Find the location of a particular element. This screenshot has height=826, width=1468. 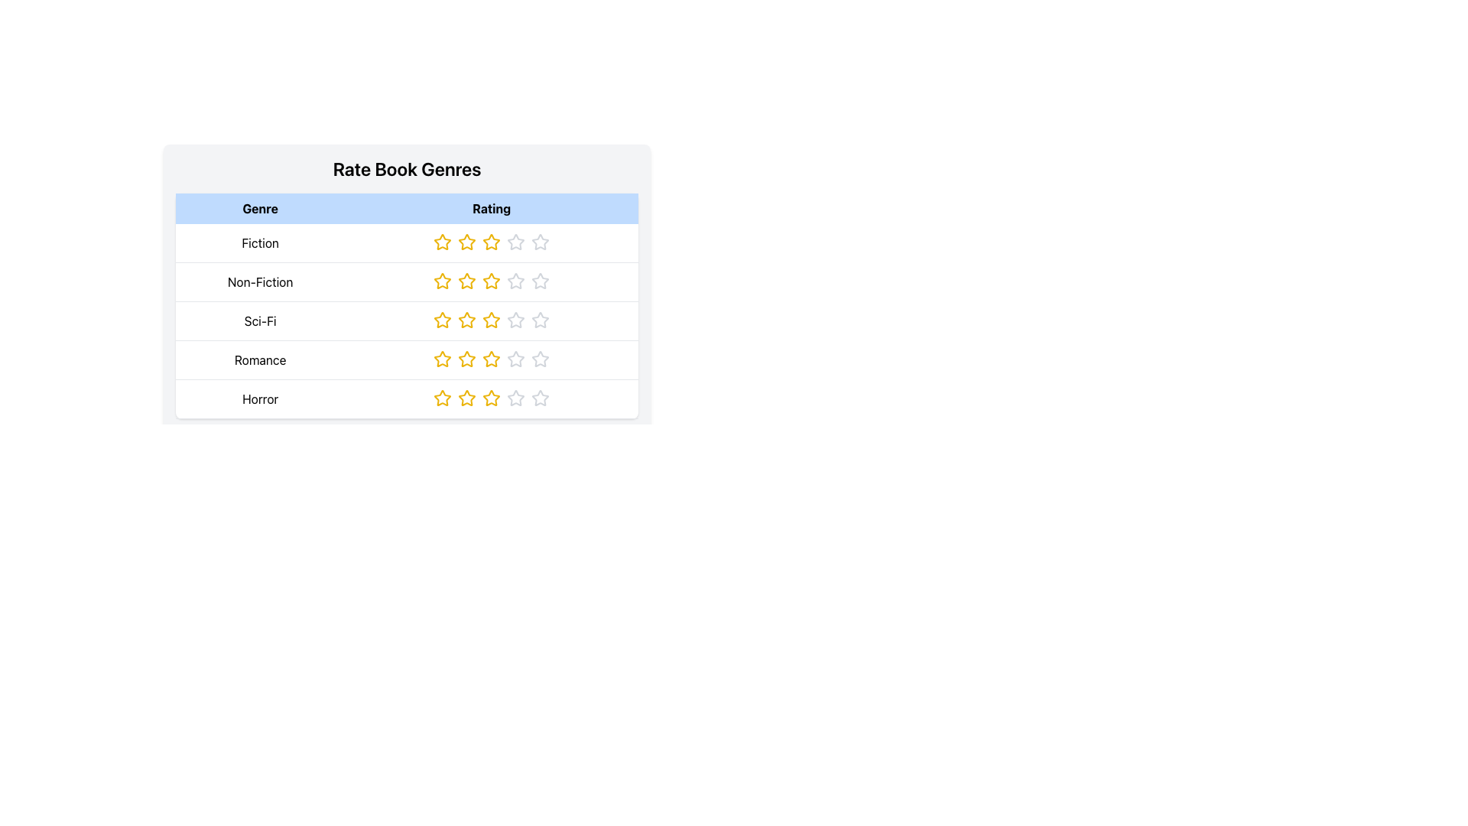

the fifth rating star icon in the 'Rate Book Genres' table for the 'Horror' book genre is located at coordinates (541, 397).